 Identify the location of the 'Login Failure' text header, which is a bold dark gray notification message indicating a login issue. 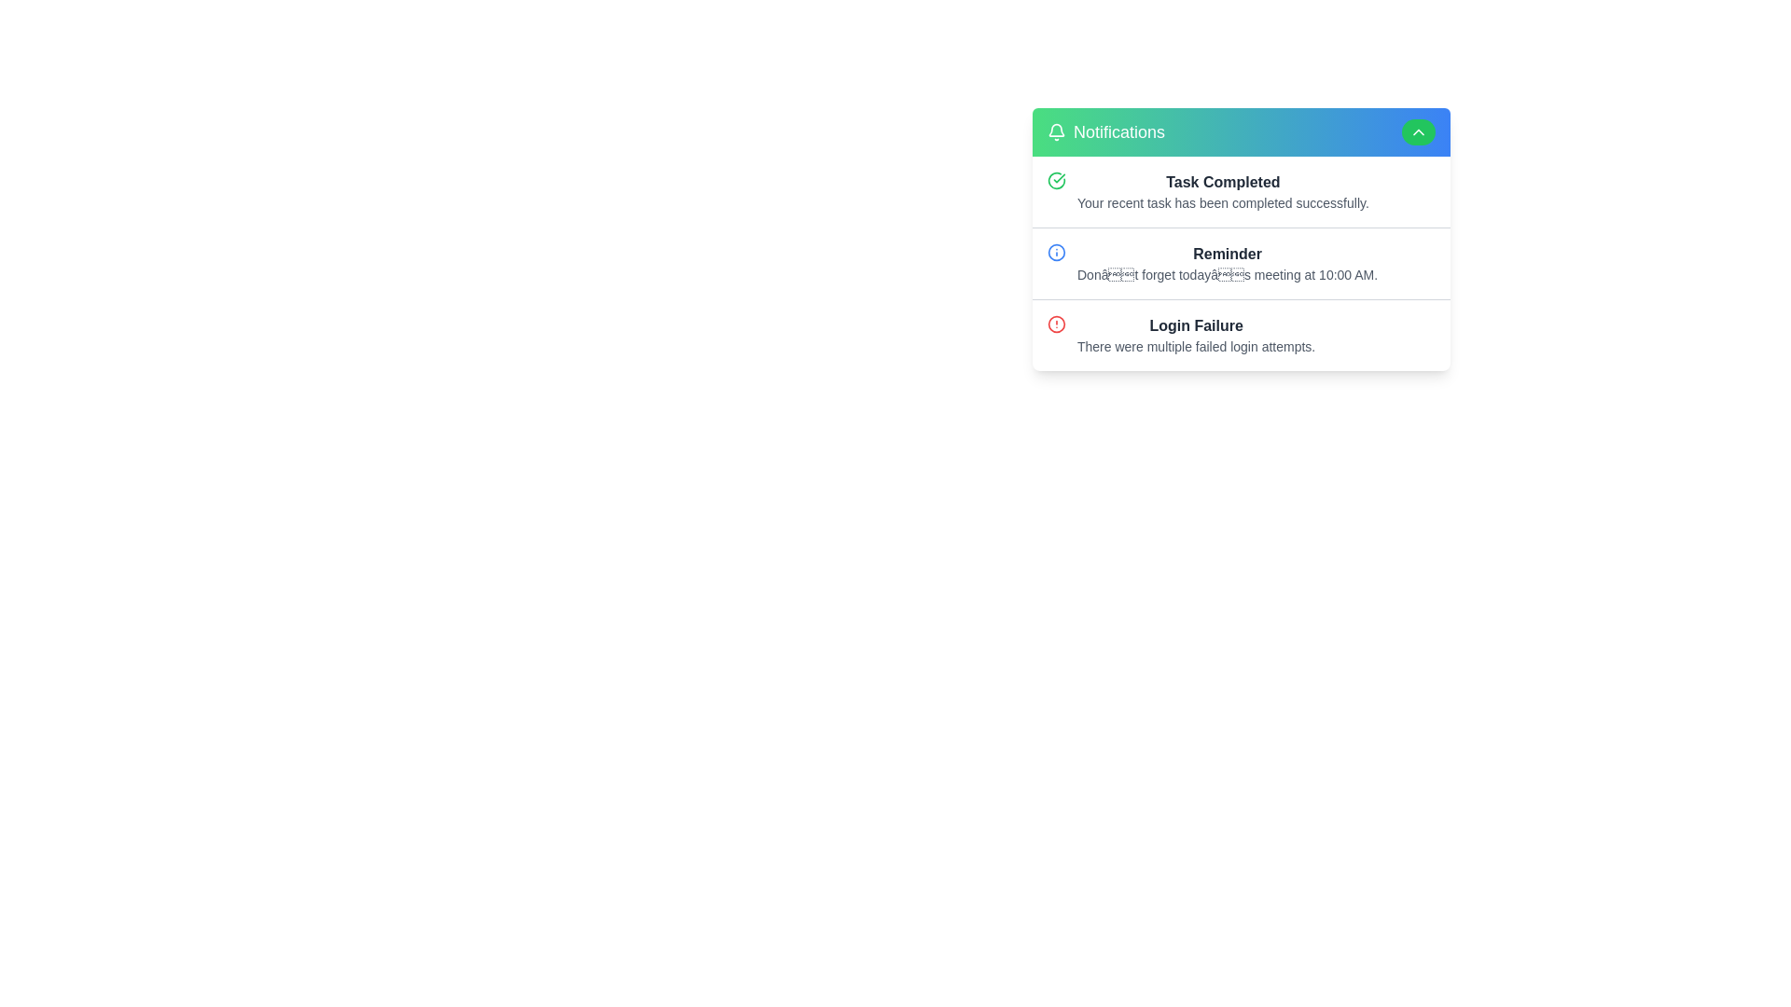
(1196, 325).